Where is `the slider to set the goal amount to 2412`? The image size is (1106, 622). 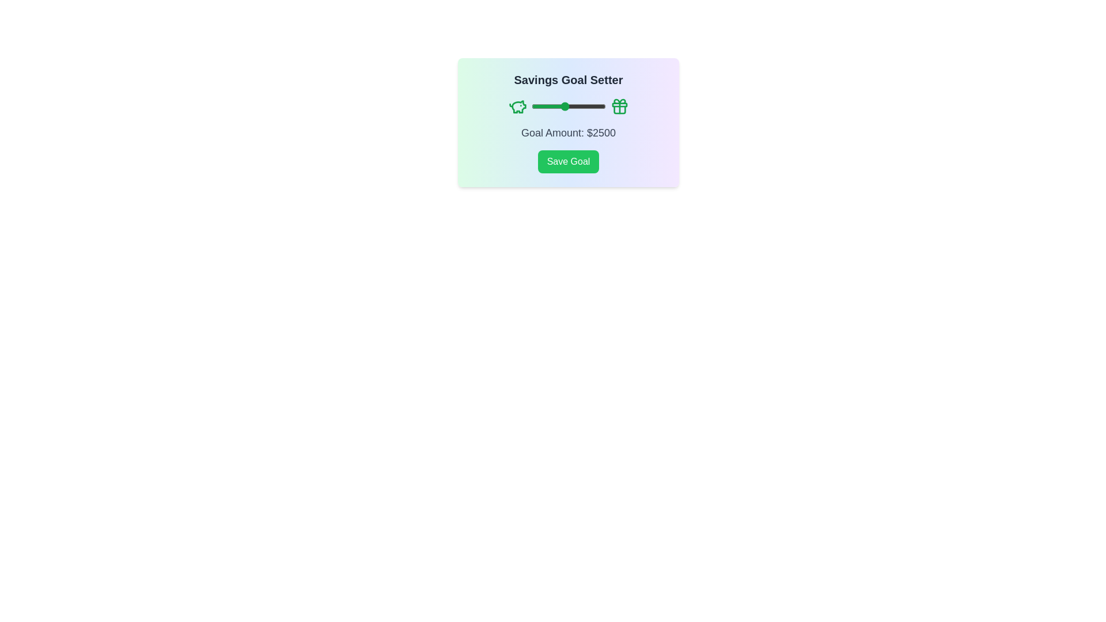 the slider to set the goal amount to 2412 is located at coordinates (563, 107).